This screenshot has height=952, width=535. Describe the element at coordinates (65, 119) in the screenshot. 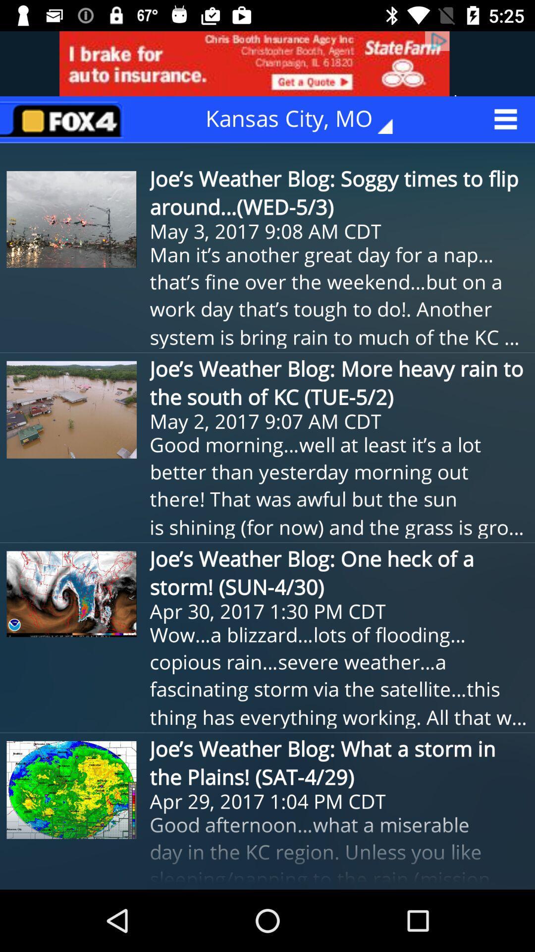

I see `the item next to the kansas city, mo` at that location.